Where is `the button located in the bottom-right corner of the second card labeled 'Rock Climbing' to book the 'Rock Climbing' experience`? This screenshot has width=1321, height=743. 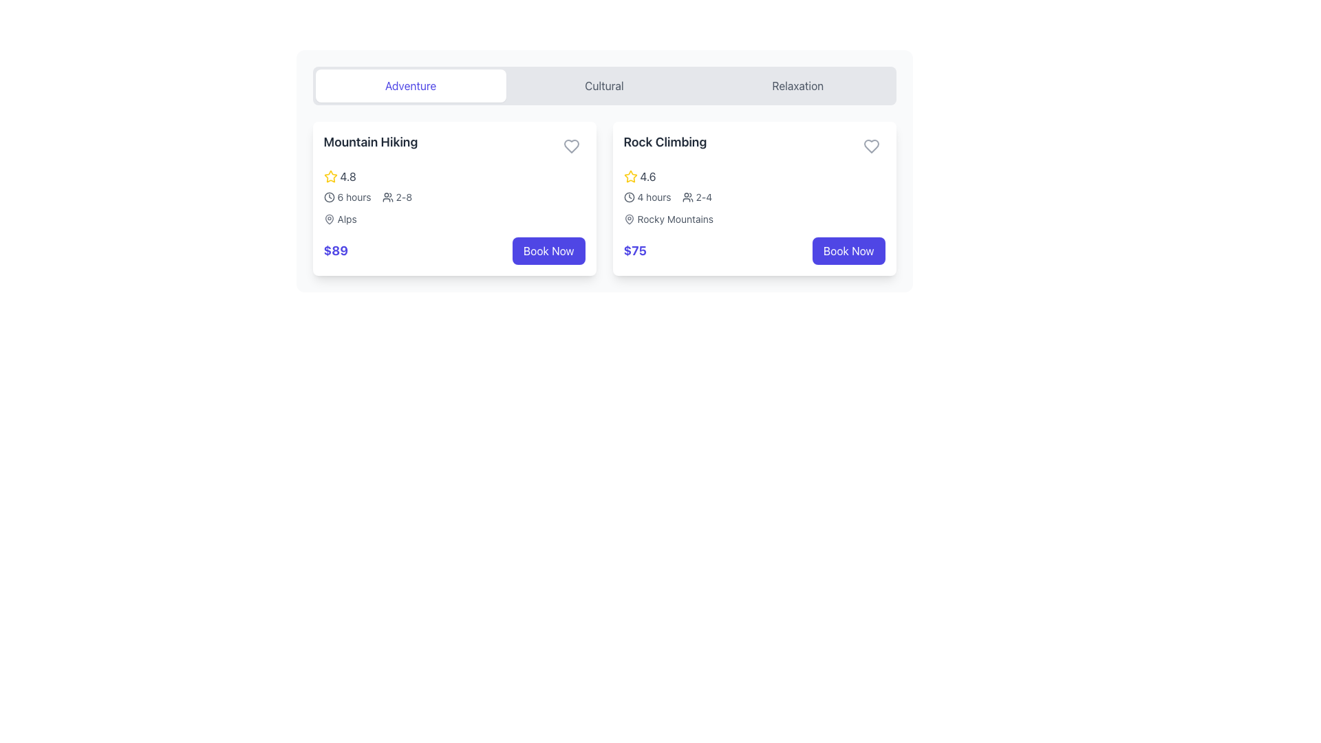
the button located in the bottom-right corner of the second card labeled 'Rock Climbing' to book the 'Rock Climbing' experience is located at coordinates (848, 251).